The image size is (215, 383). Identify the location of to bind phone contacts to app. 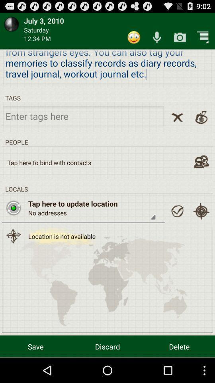
(201, 161).